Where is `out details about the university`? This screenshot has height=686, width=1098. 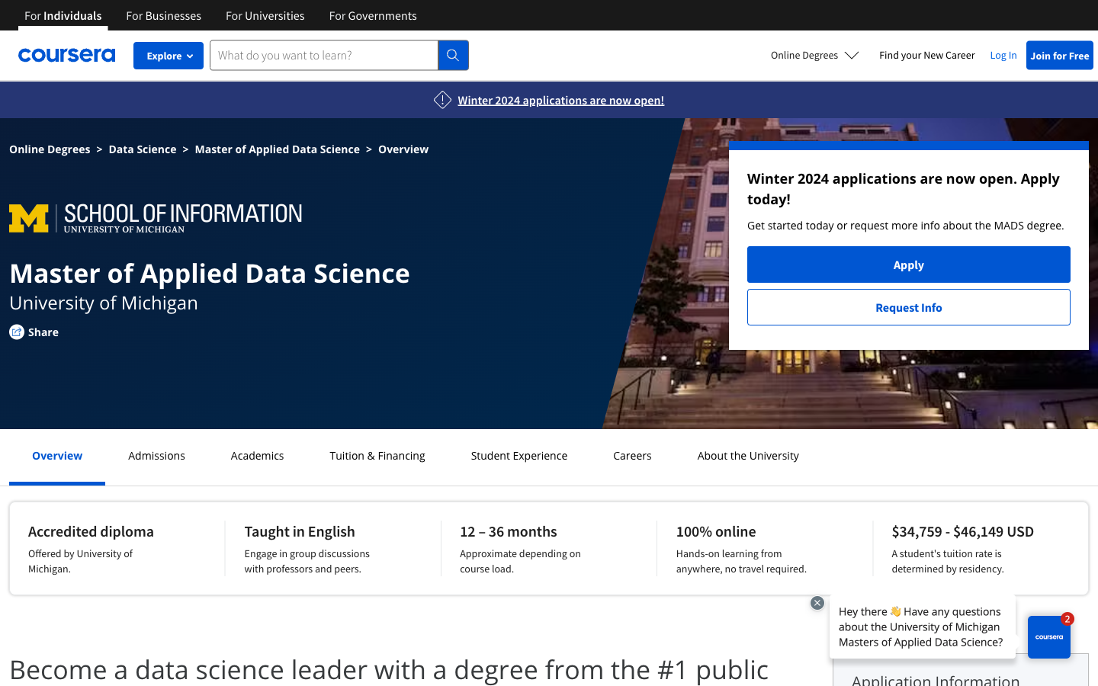
out details about the university is located at coordinates (747, 455).